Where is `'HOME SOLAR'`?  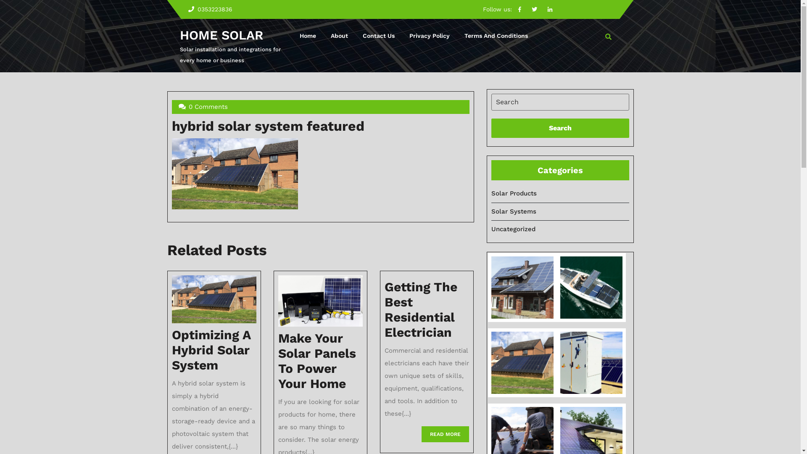
'HOME SOLAR' is located at coordinates (179, 34).